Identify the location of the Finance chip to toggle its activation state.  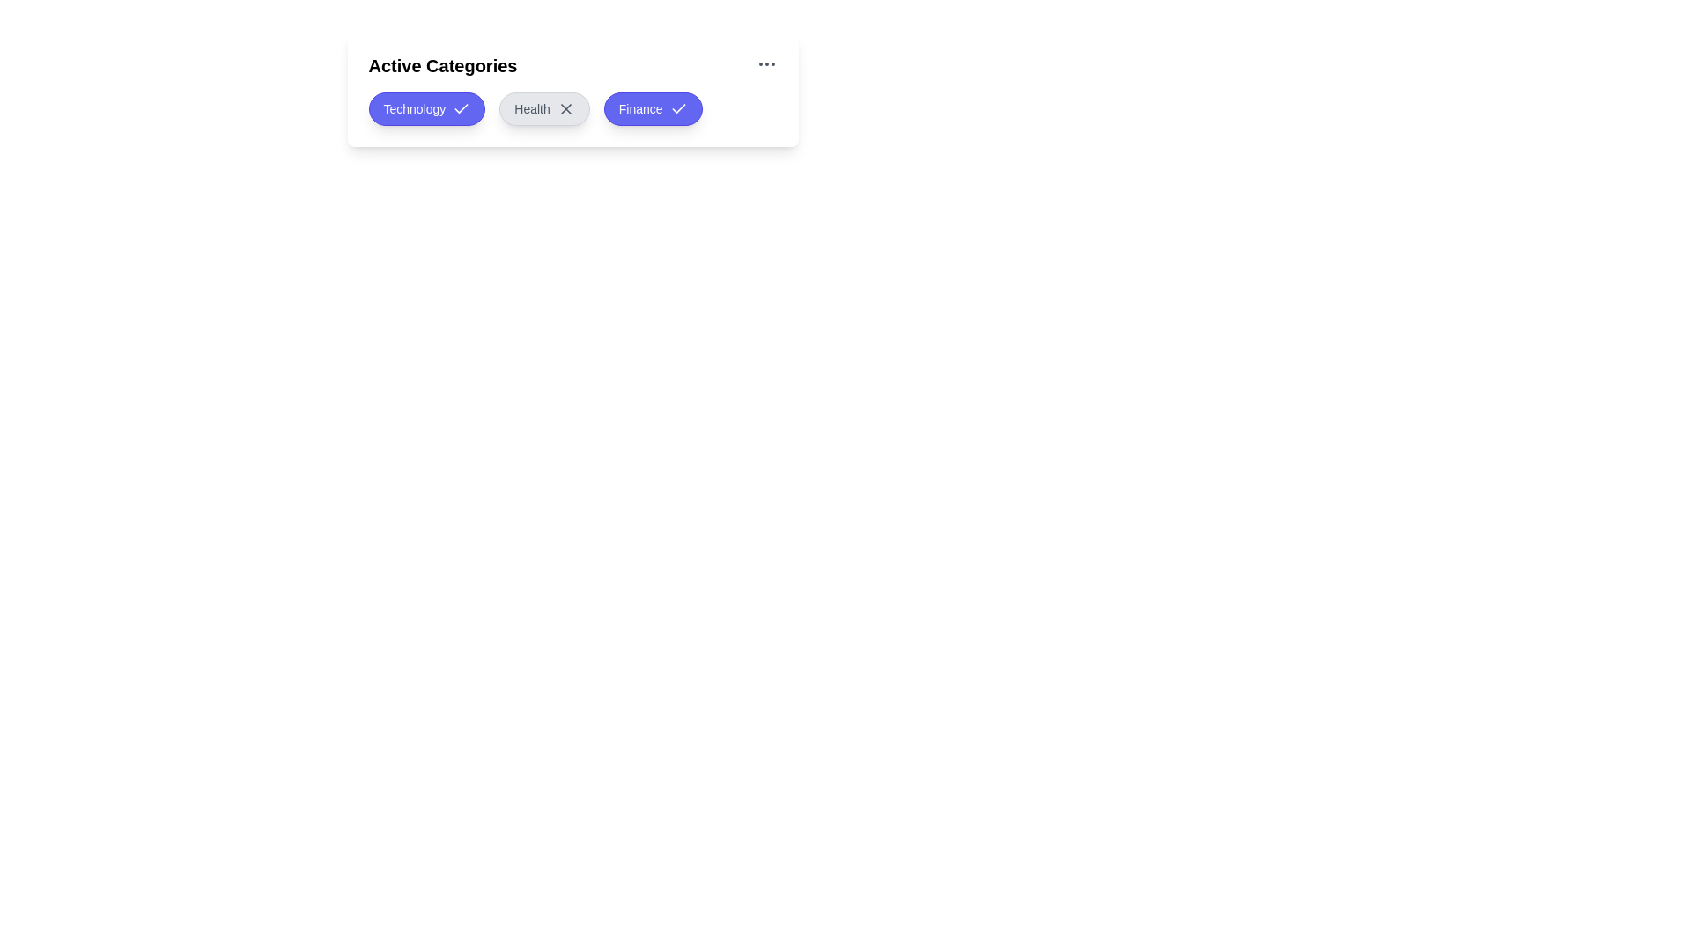
(652, 108).